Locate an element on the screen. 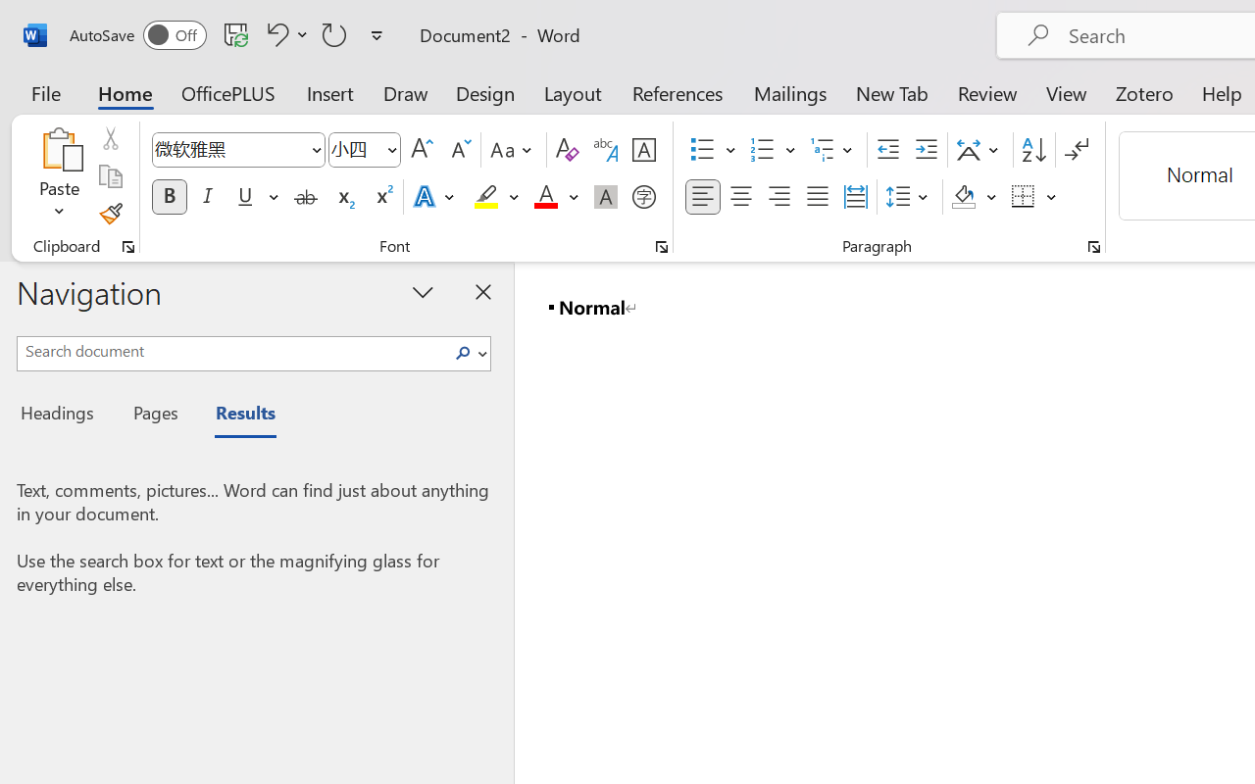 The height and width of the screenshot is (784, 1255). 'File Tab' is located at coordinates (45, 92).